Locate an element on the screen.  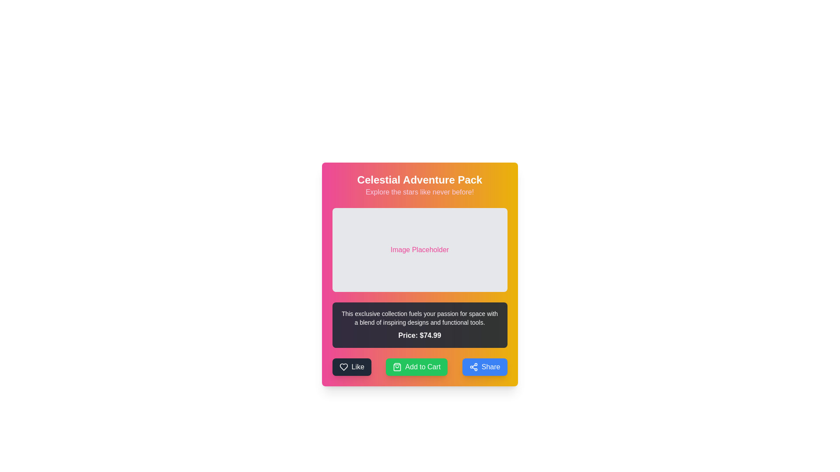
title text positioned centrally at the top of the card layout, which serves as the main heading for the content below is located at coordinates (419, 180).